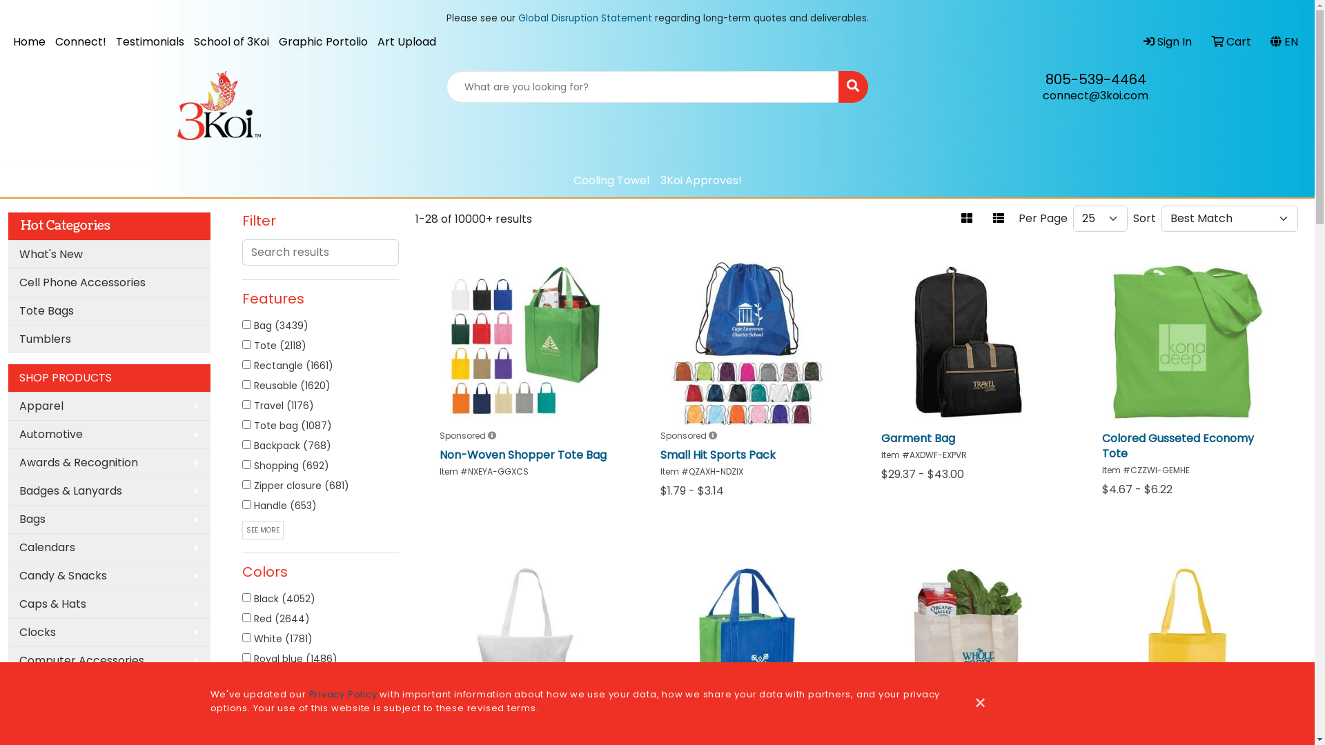 The height and width of the screenshot is (745, 1325). What do you see at coordinates (111, 41) in the screenshot?
I see `'Testimonials'` at bounding box center [111, 41].